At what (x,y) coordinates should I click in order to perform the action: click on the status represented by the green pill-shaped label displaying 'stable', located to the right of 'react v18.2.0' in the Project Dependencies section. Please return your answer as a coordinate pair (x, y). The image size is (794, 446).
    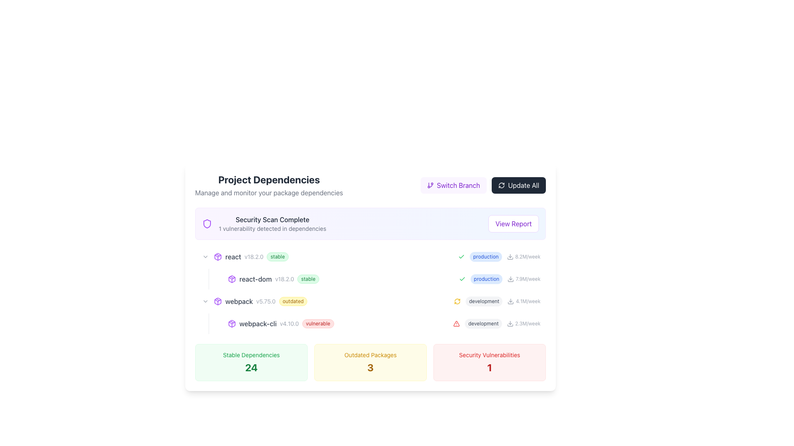
    Looking at the image, I should click on (277, 256).